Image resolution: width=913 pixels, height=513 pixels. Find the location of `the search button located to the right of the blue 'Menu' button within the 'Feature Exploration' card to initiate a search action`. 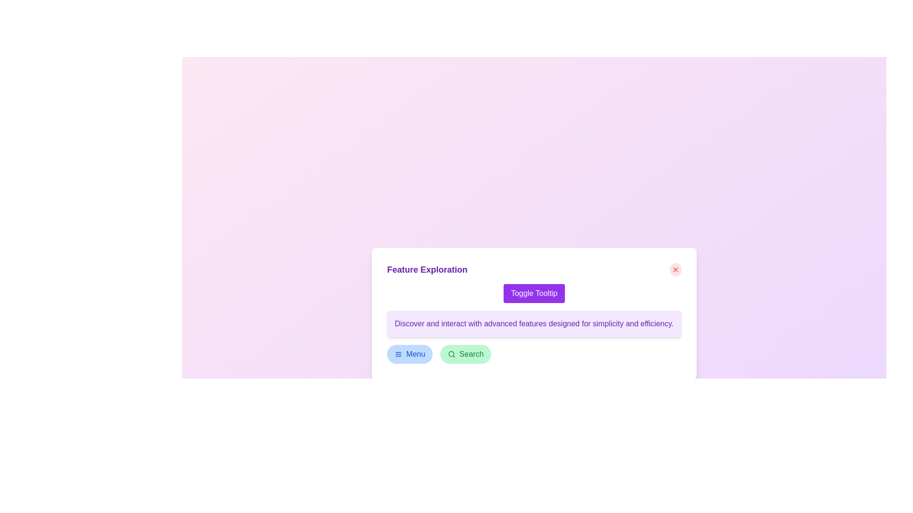

the search button located to the right of the blue 'Menu' button within the 'Feature Exploration' card to initiate a search action is located at coordinates (466, 354).